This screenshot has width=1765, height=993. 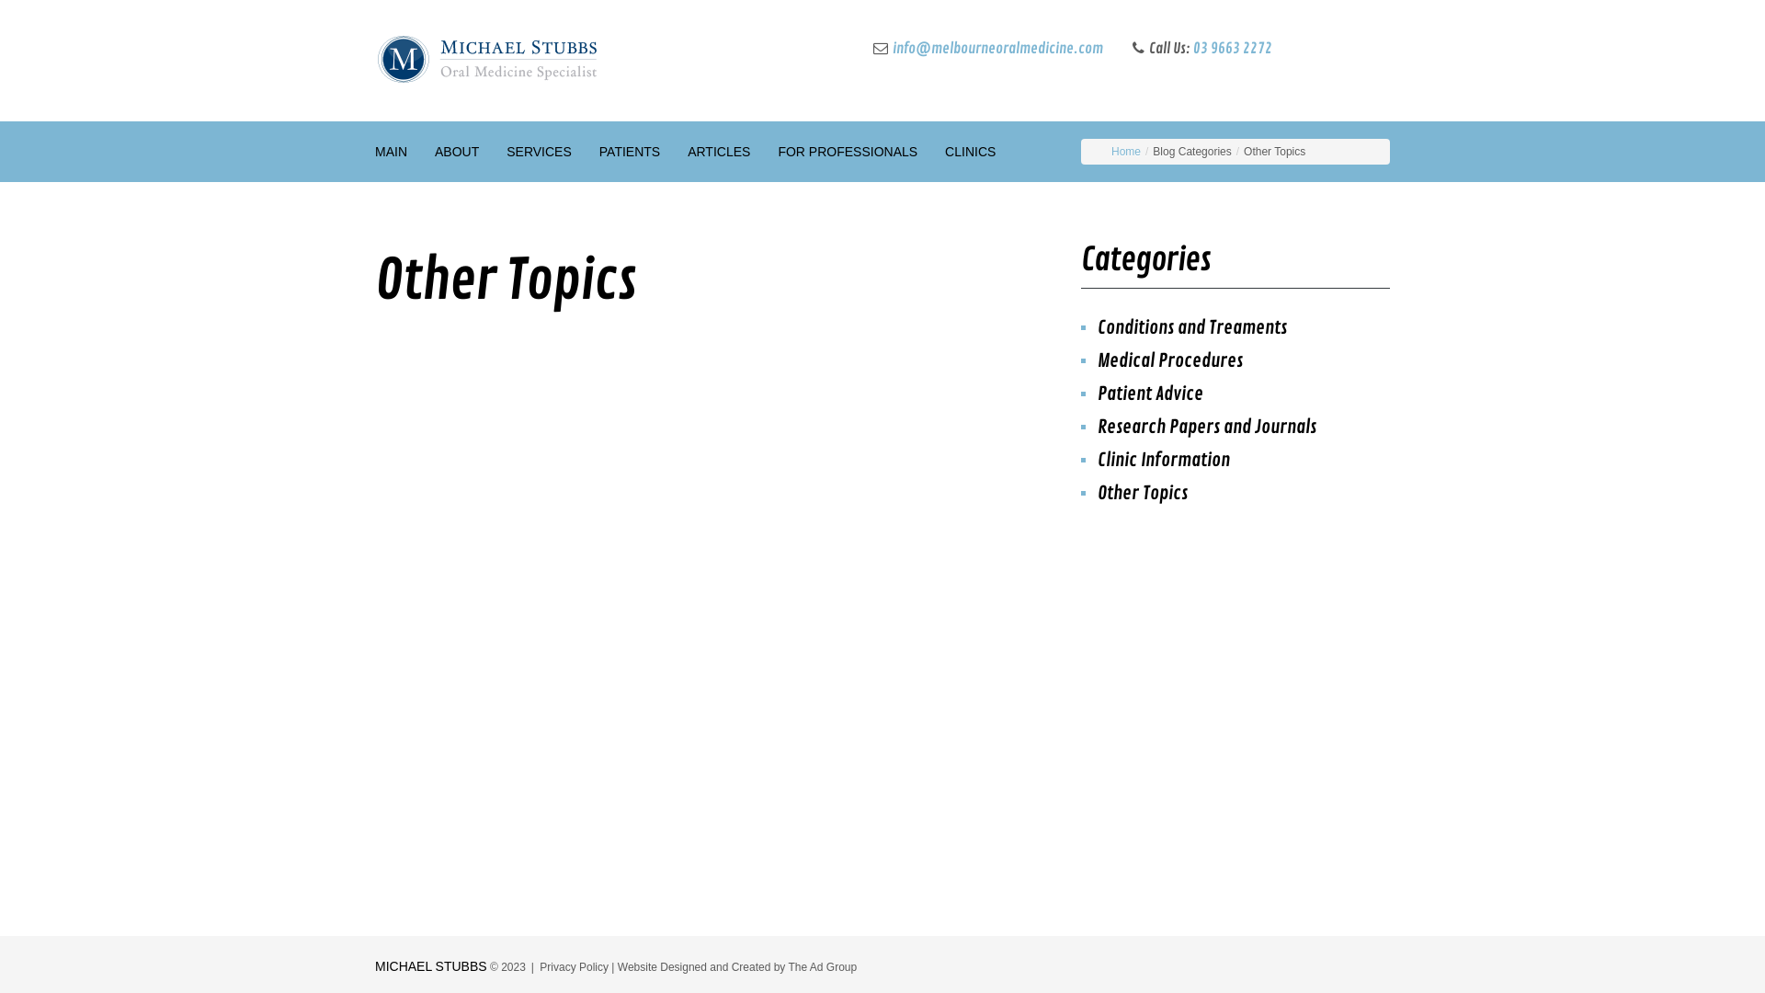 What do you see at coordinates (788, 966) in the screenshot?
I see `'The Ad Group'` at bounding box center [788, 966].